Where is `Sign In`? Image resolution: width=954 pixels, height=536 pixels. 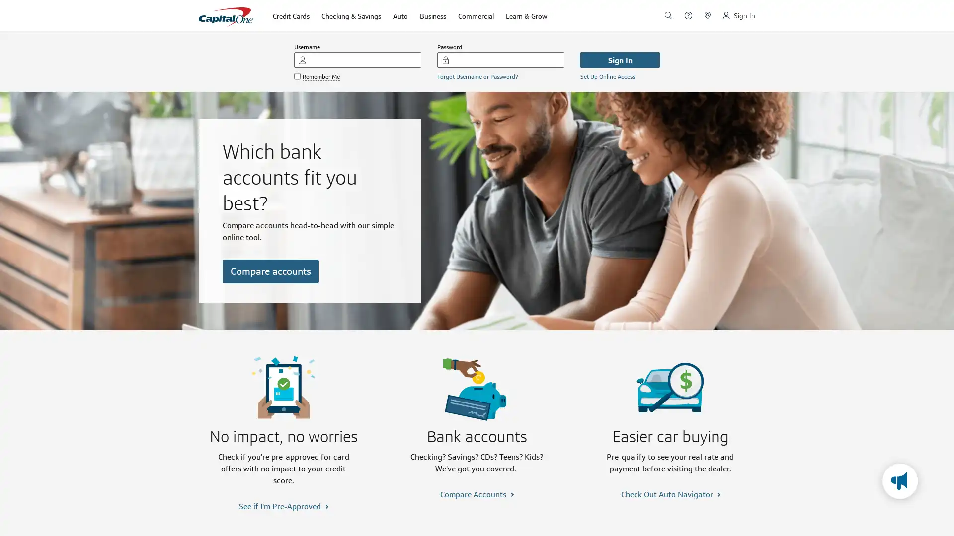 Sign In is located at coordinates (620, 60).